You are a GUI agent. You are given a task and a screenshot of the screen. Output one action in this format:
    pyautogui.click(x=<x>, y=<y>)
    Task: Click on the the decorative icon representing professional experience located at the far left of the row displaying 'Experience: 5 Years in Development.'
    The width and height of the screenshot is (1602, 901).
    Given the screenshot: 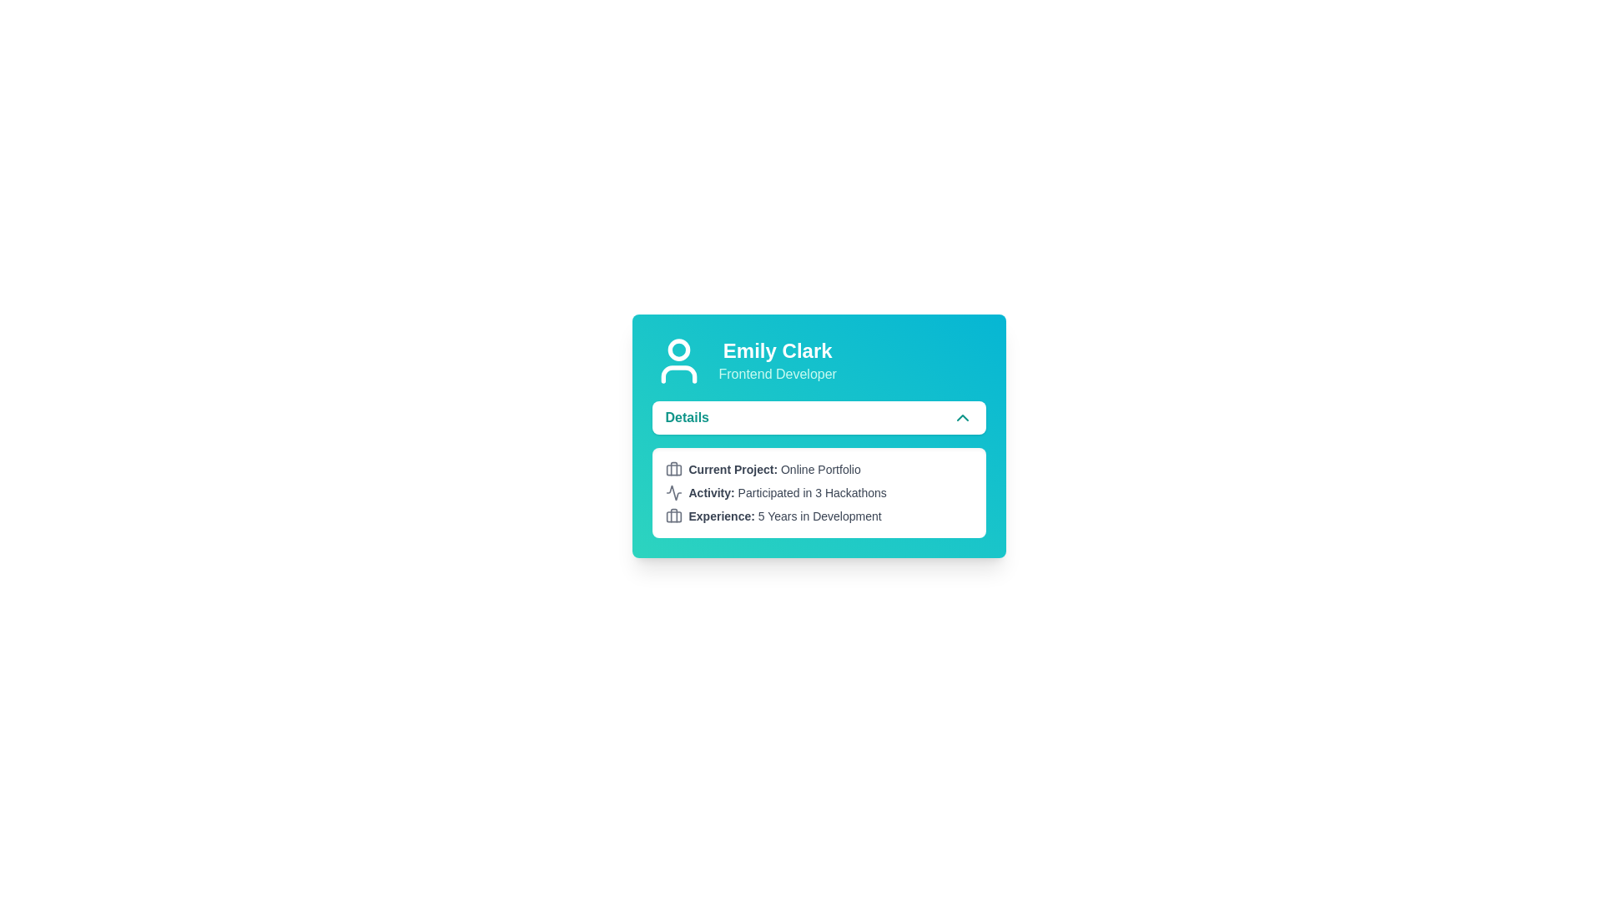 What is the action you would take?
    pyautogui.click(x=673, y=515)
    